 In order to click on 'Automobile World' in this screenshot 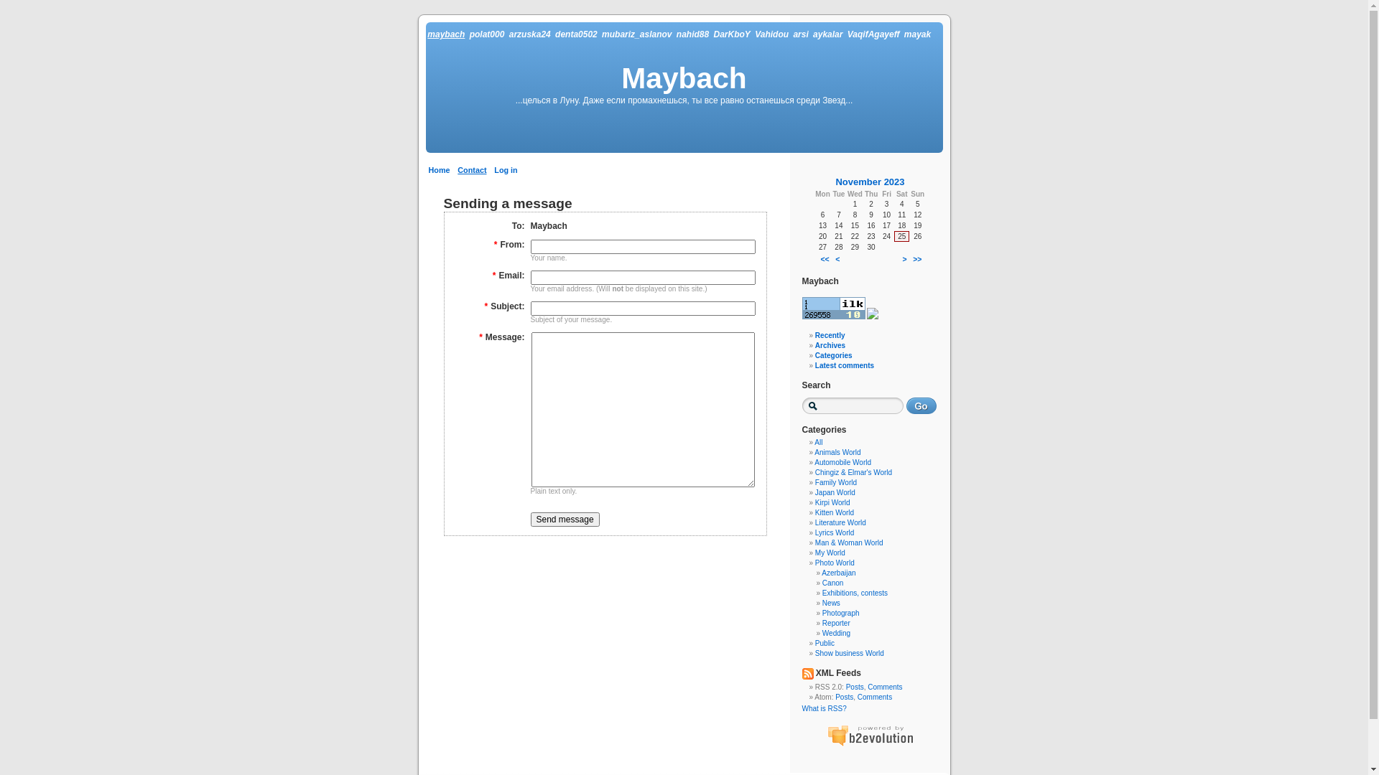, I will do `click(842, 462)`.